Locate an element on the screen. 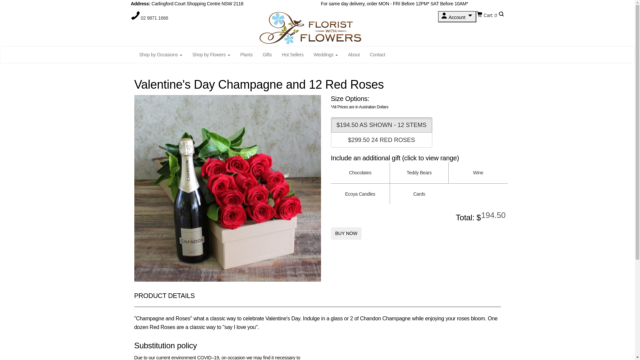  '$299.50 24 RED ROSES' is located at coordinates (381, 140).